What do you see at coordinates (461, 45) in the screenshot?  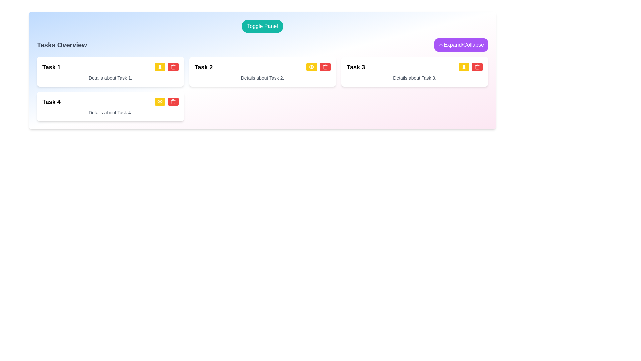 I see `the button located at the top-right corner of the 'Tasks Overview' panel` at bounding box center [461, 45].